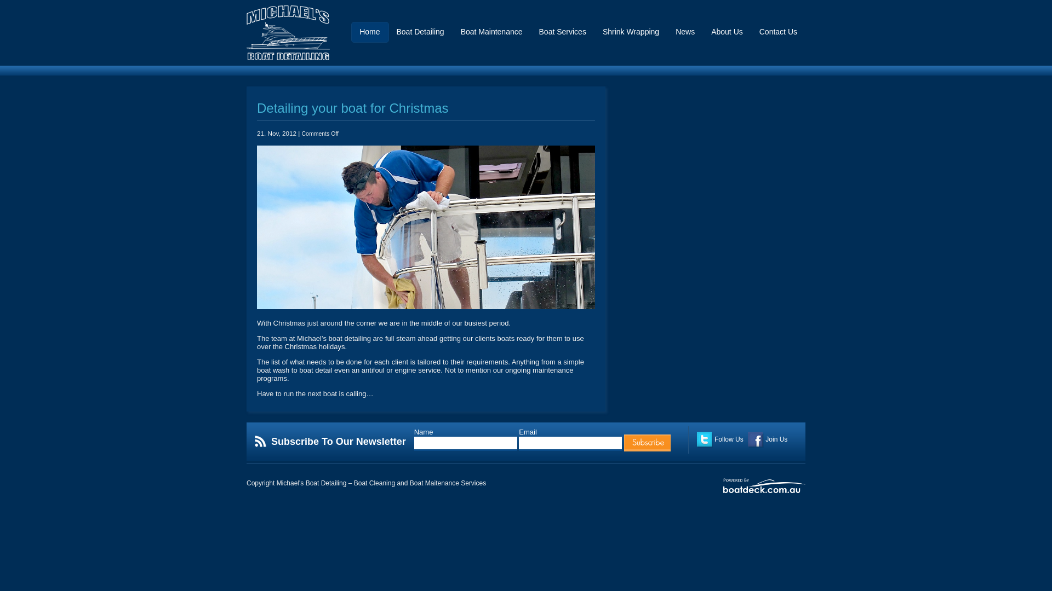 This screenshot has width=1052, height=591. What do you see at coordinates (369, 35) in the screenshot?
I see `'Home'` at bounding box center [369, 35].